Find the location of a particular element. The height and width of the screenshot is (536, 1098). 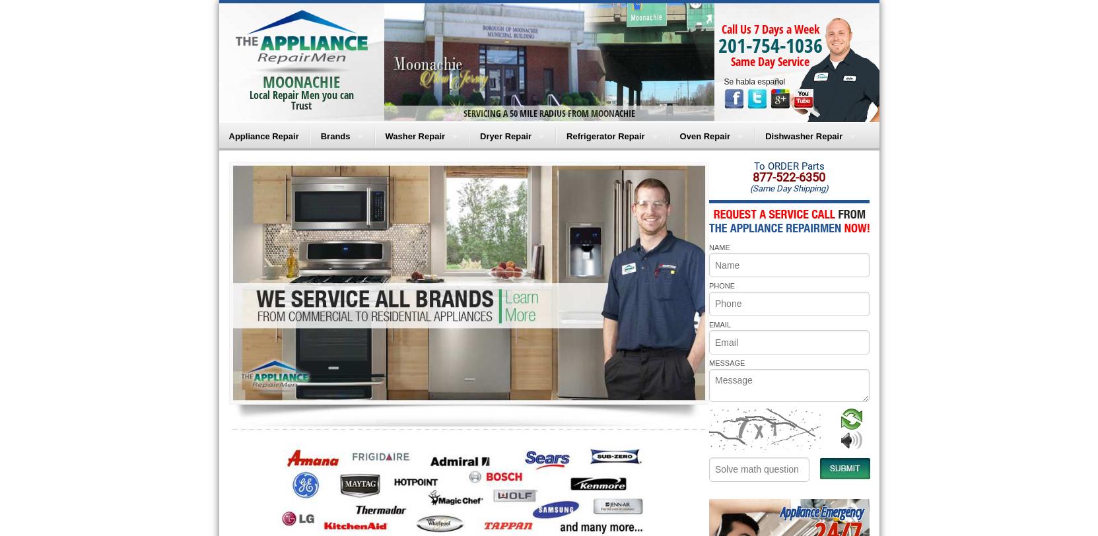

'(Same Day Shipping)' is located at coordinates (788, 188).